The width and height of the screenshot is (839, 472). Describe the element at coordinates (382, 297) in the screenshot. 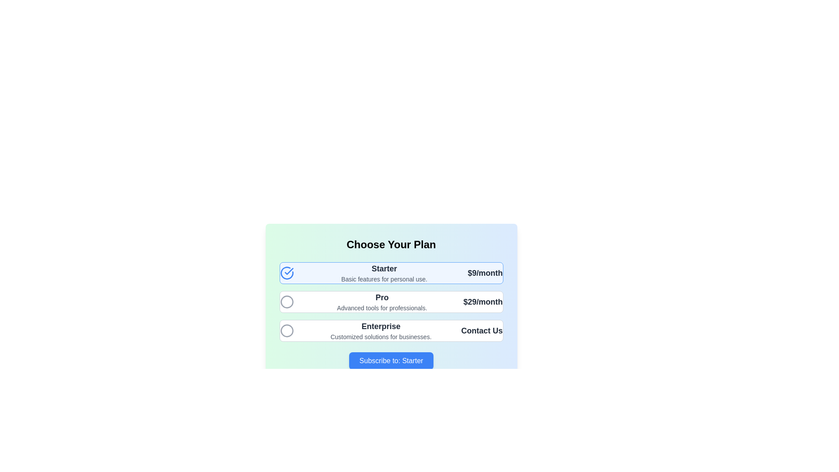

I see `the static text label indicating the 'Pro' subscription plan, which is centrally positioned among subscription options` at that location.